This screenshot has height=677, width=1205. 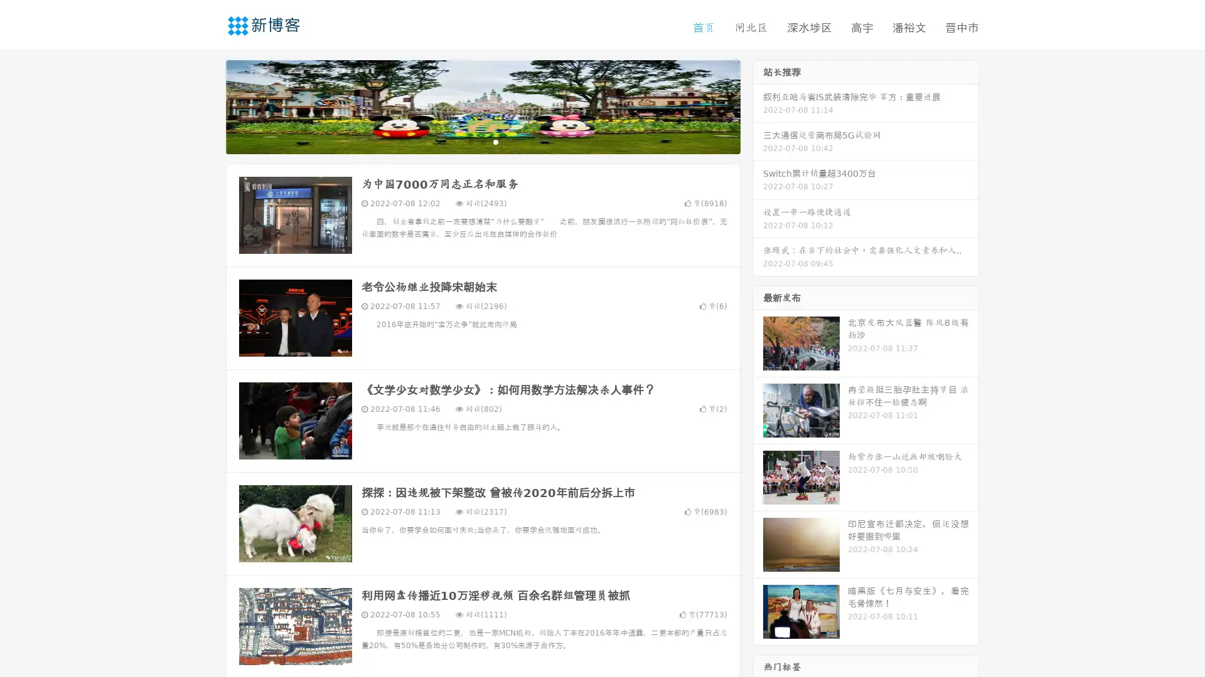 I want to click on Go to slide 1, so click(x=469, y=141).